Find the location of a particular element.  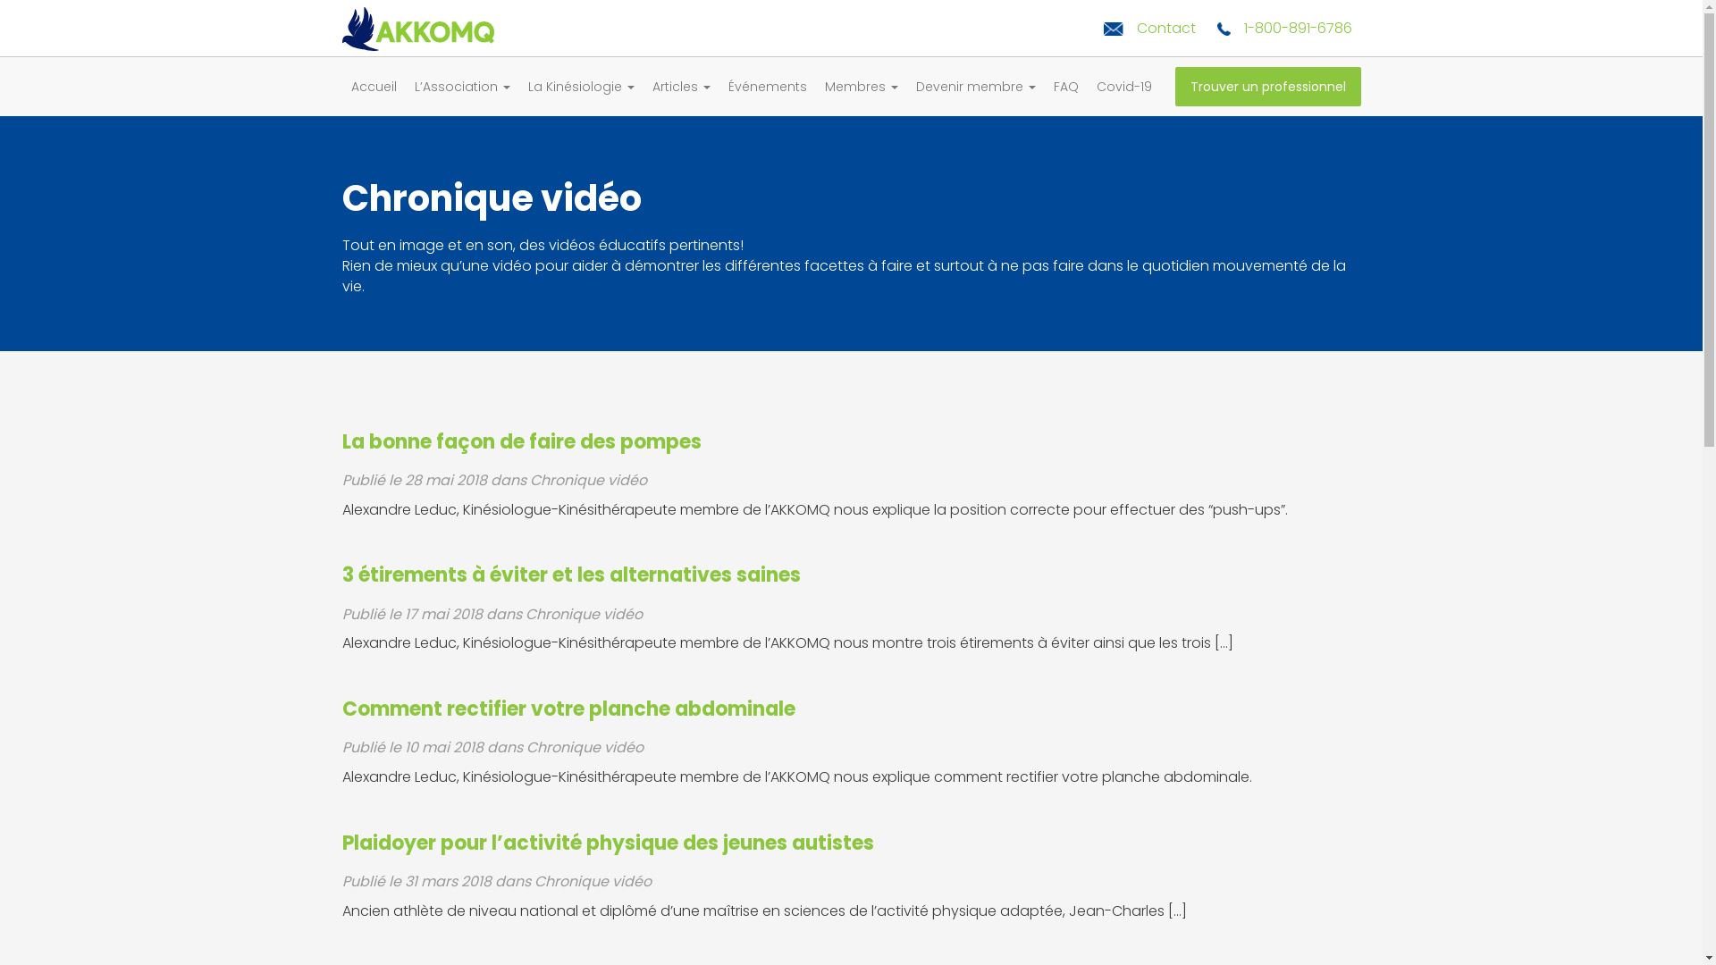

'Trouver un professionnel' is located at coordinates (1266, 86).